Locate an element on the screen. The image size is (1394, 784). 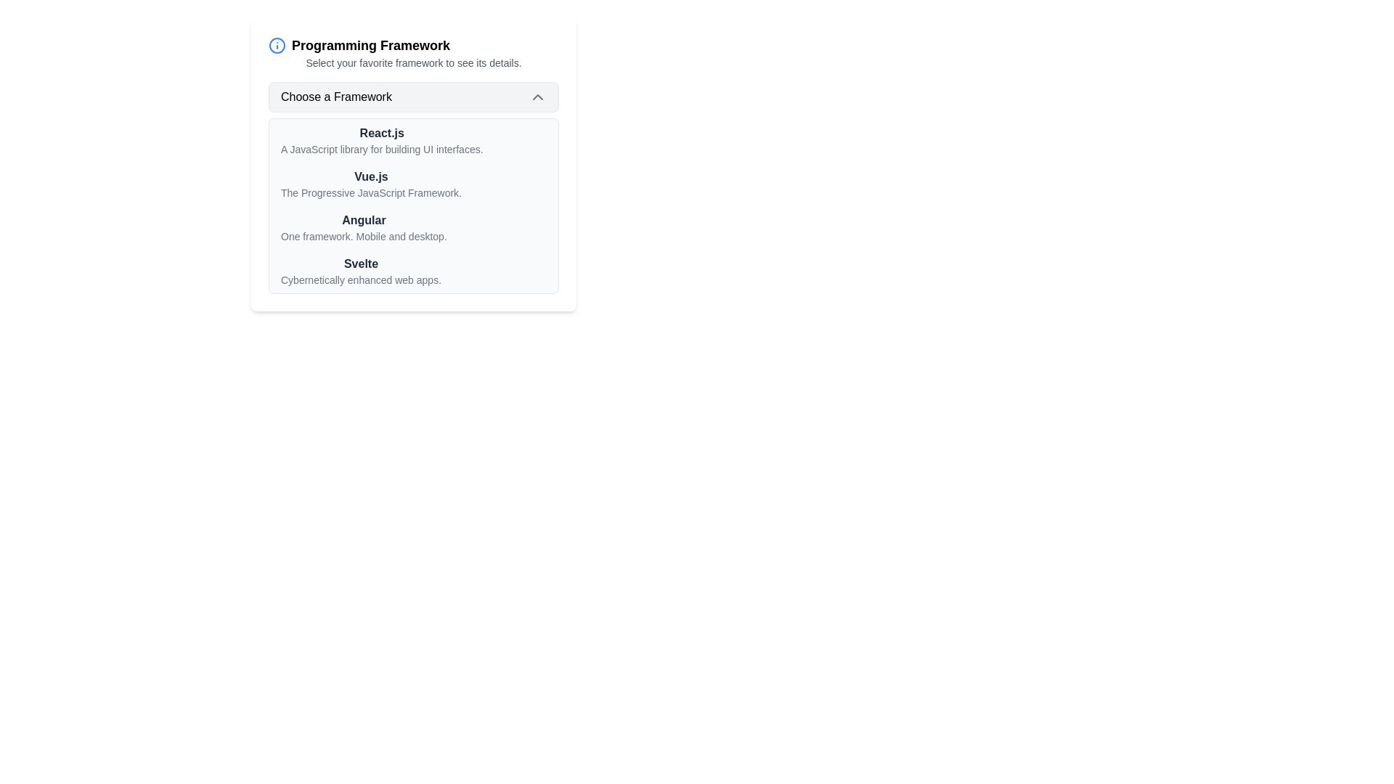
the bold text label reading 'Angular' that is positioned above the descriptive text 'One framework. Mobile and desktop.' is located at coordinates (364, 221).